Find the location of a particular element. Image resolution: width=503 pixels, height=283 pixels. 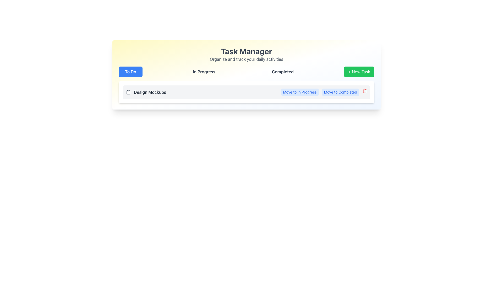

the clipboard icon, which is a non-interactive SVG rendering located to the left of the 'Design Mockups' text in the 'To Do' section of the task manager interface is located at coordinates (128, 92).